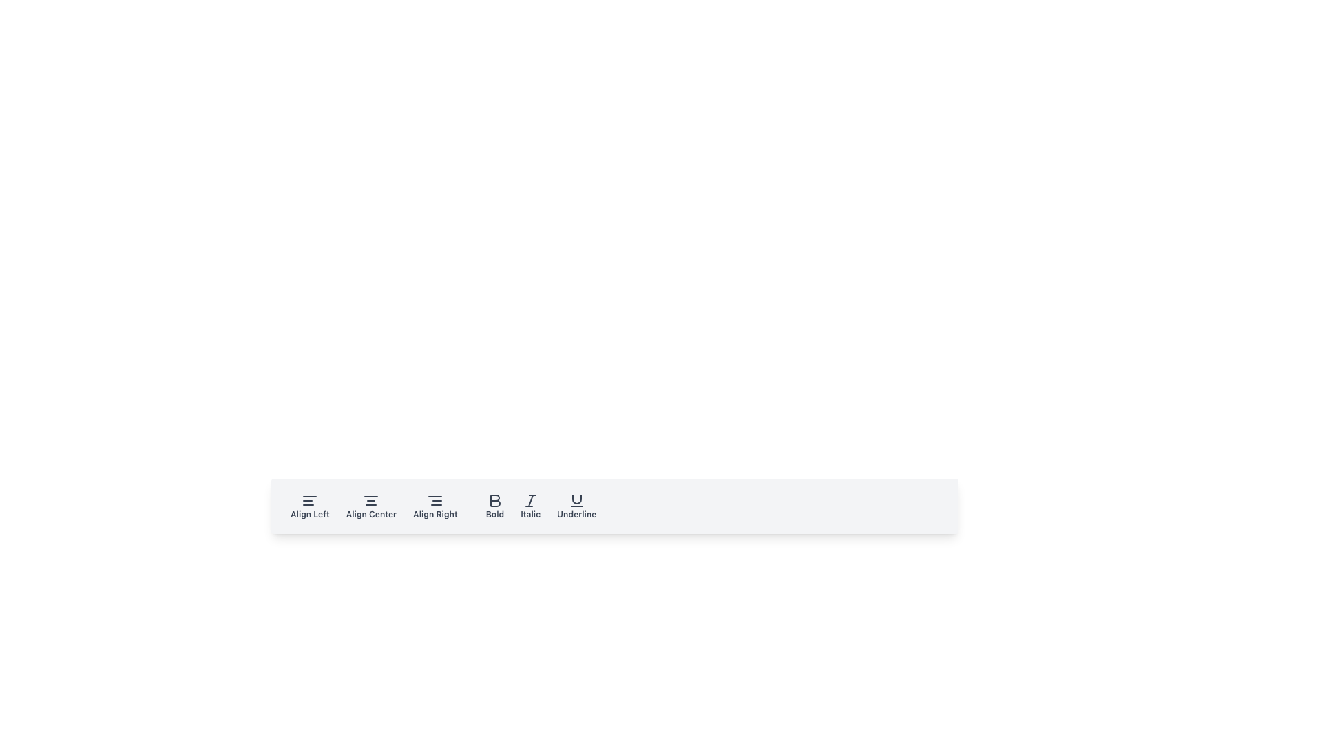  What do you see at coordinates (434, 515) in the screenshot?
I see `the right alignment option label located within the horizontal toolbar at the bottom of the layout, situated between the 'Align Center' button and the 'Bold' button, to apply right alignment to the selected text or object` at bounding box center [434, 515].